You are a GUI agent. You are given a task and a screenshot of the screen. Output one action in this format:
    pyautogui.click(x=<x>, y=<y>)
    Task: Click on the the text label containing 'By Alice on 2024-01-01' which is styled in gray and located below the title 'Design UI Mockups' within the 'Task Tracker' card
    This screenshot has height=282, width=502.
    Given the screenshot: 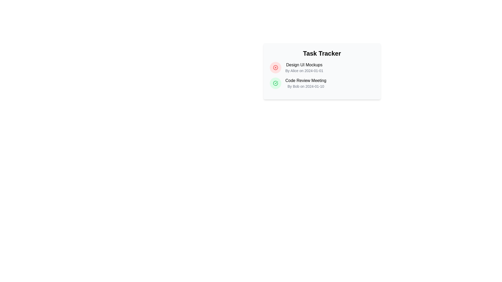 What is the action you would take?
    pyautogui.click(x=304, y=70)
    